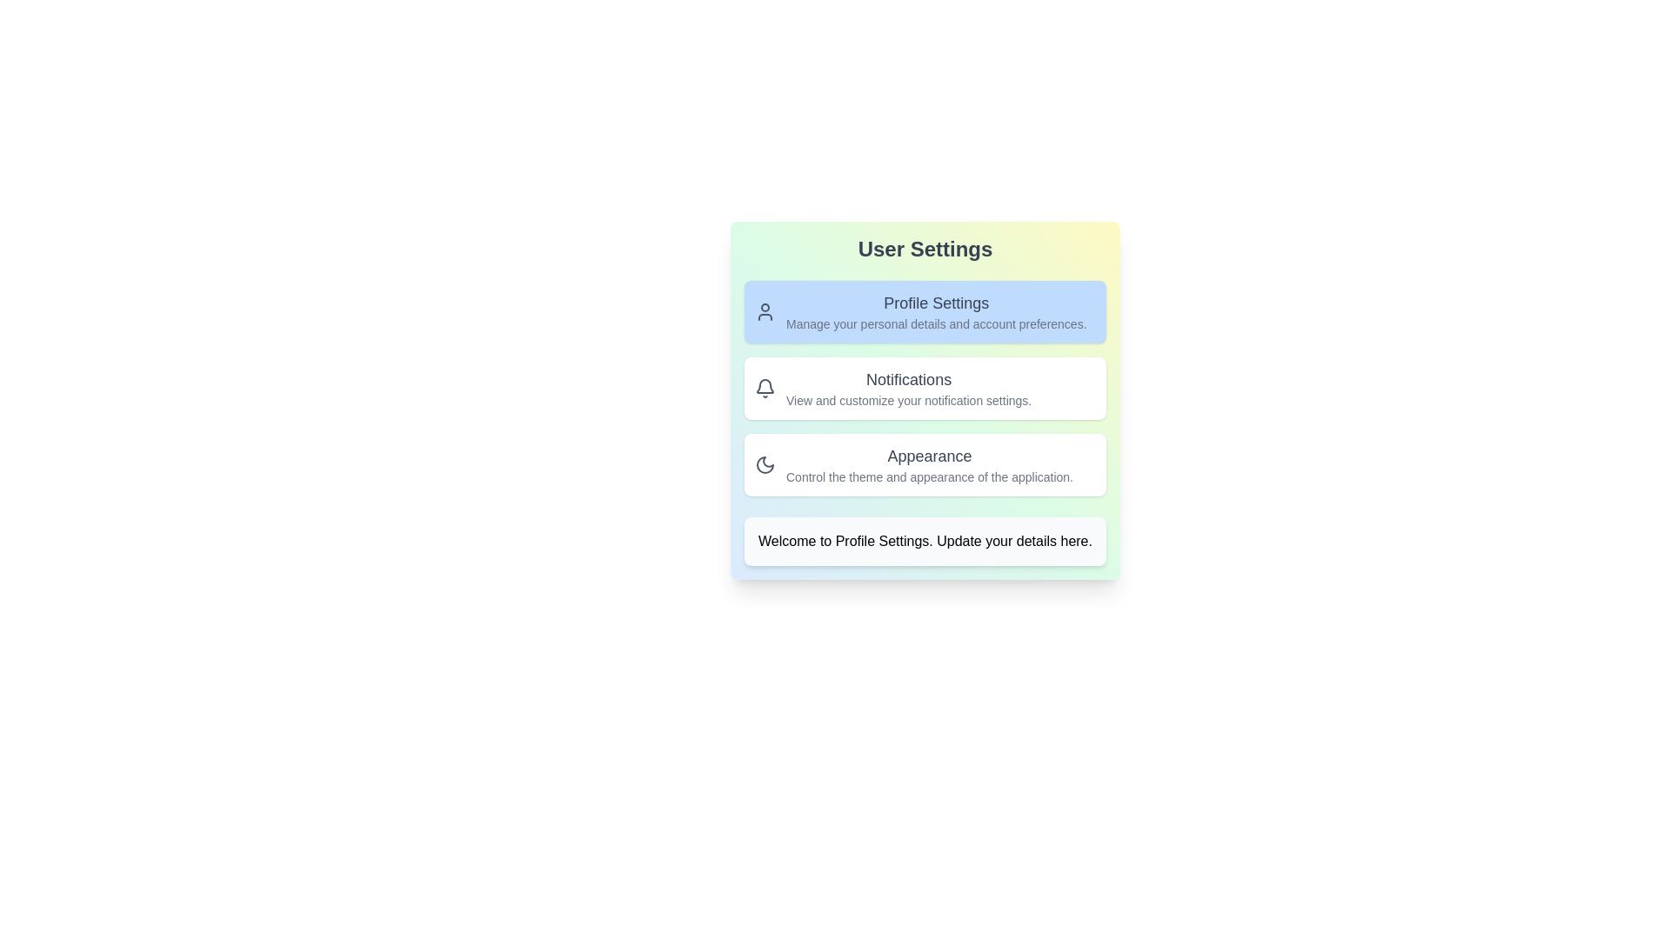 This screenshot has height=939, width=1670. What do you see at coordinates (925, 310) in the screenshot?
I see `the card representing Profile Settings to select it` at bounding box center [925, 310].